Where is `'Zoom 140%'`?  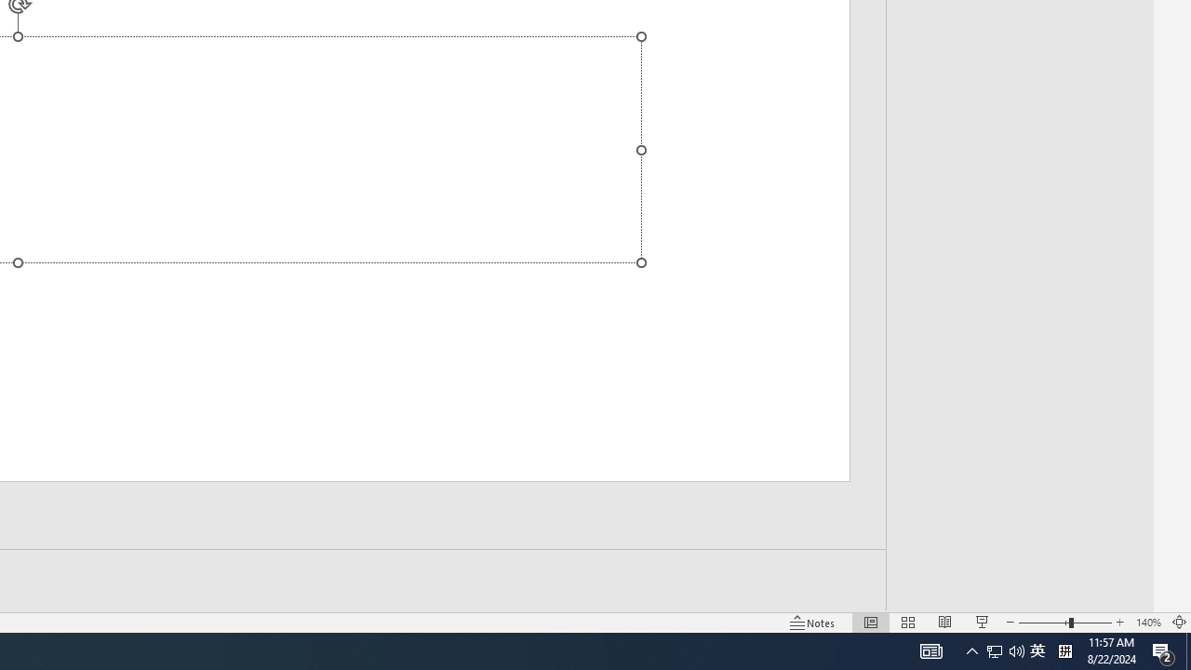 'Zoom 140%' is located at coordinates (1147, 623).